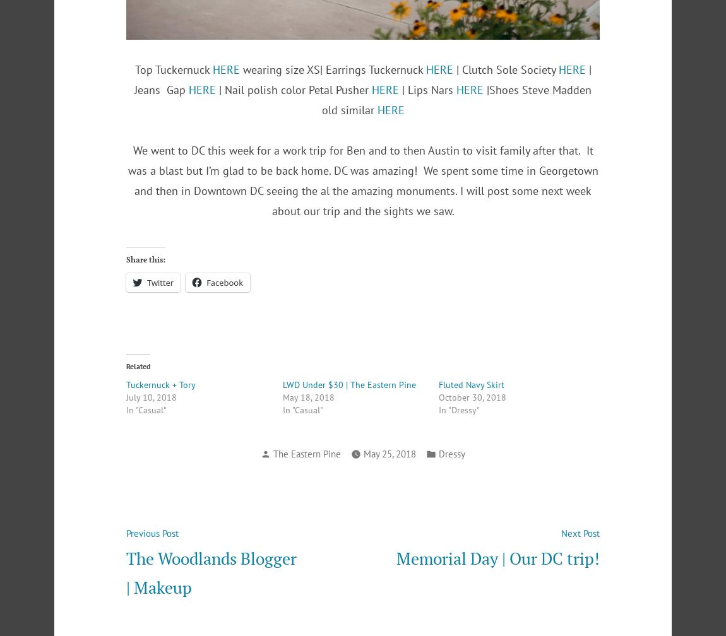  I want to click on 'wearing size XS| Earrings Tuckernuck', so click(332, 69).